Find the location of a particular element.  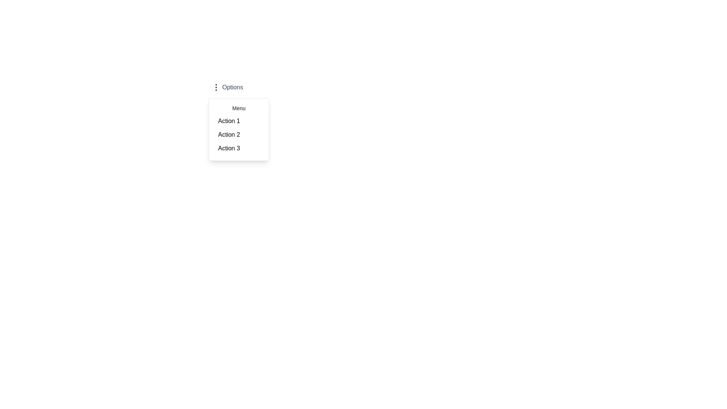

the interactive menu option labeled 'Action 3' is located at coordinates (238, 148).